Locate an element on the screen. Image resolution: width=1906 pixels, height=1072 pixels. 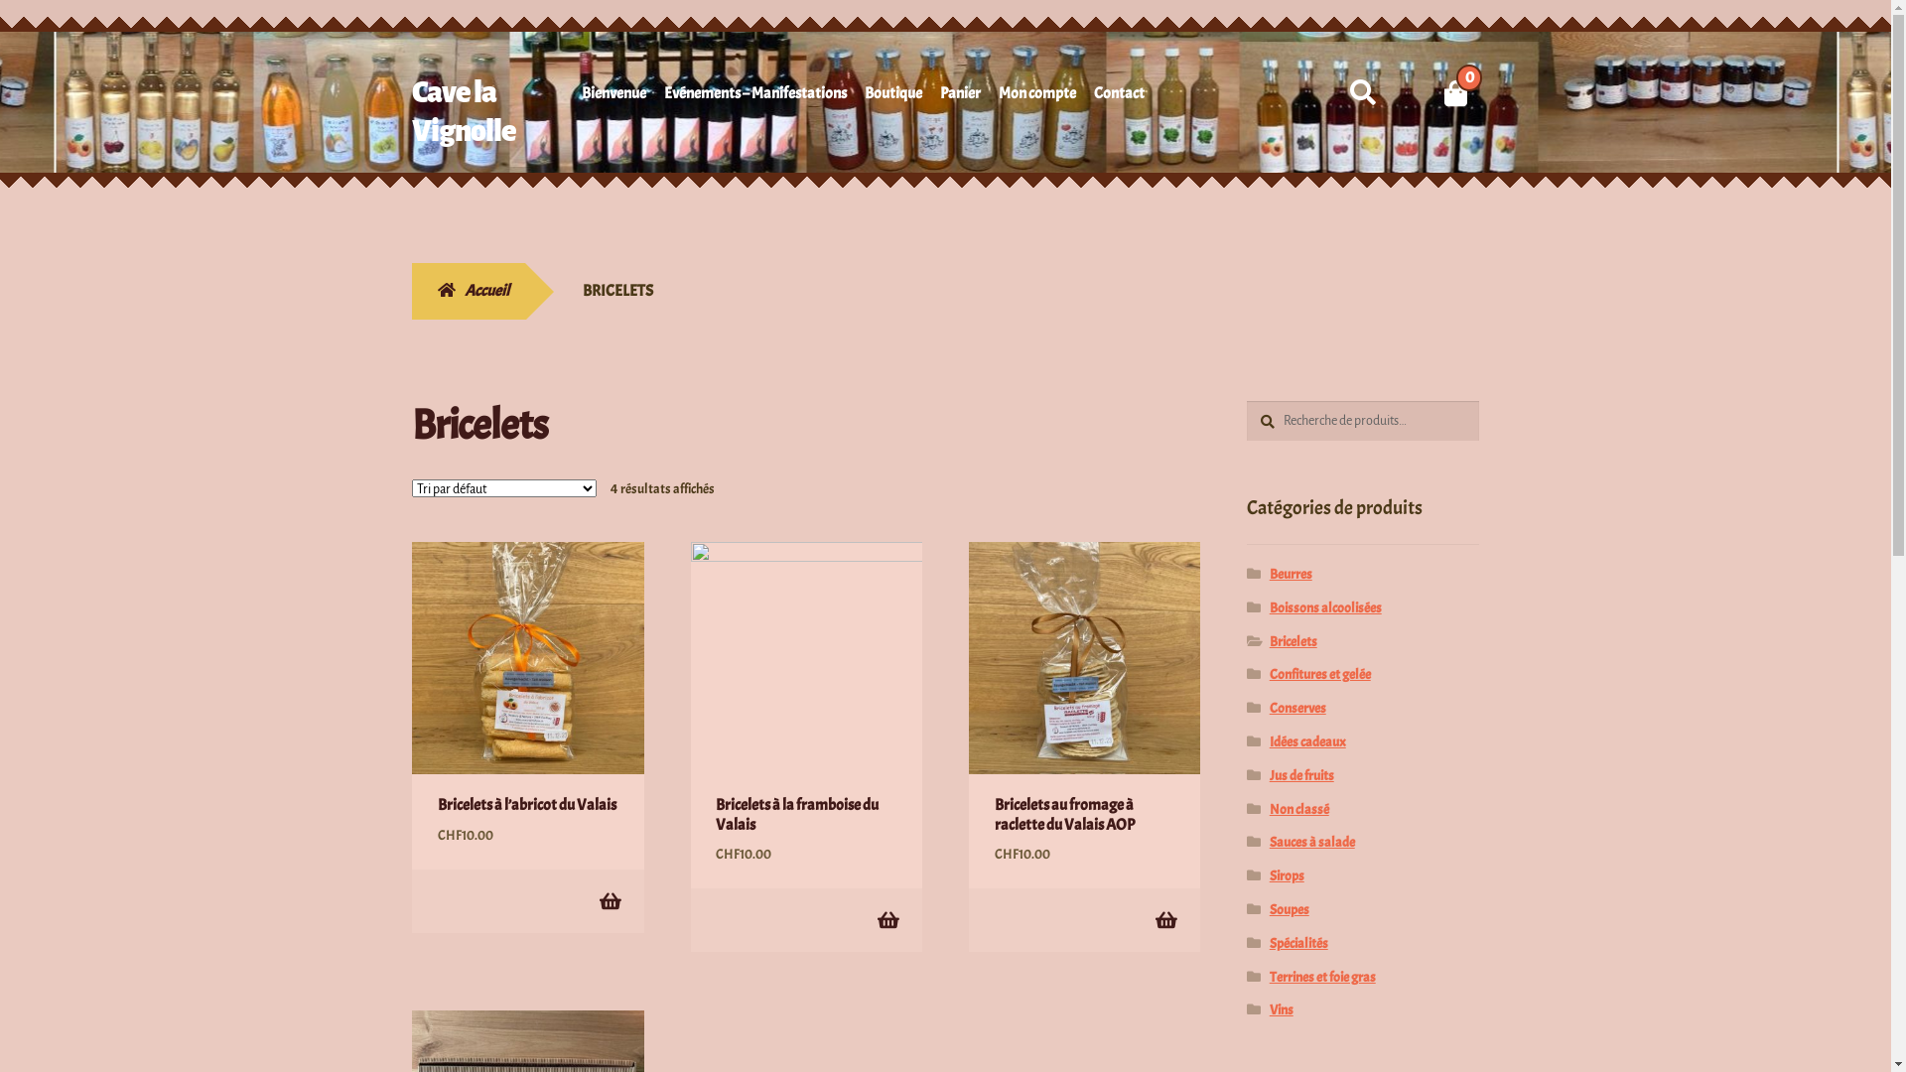
'Mon compte' is located at coordinates (1036, 96).